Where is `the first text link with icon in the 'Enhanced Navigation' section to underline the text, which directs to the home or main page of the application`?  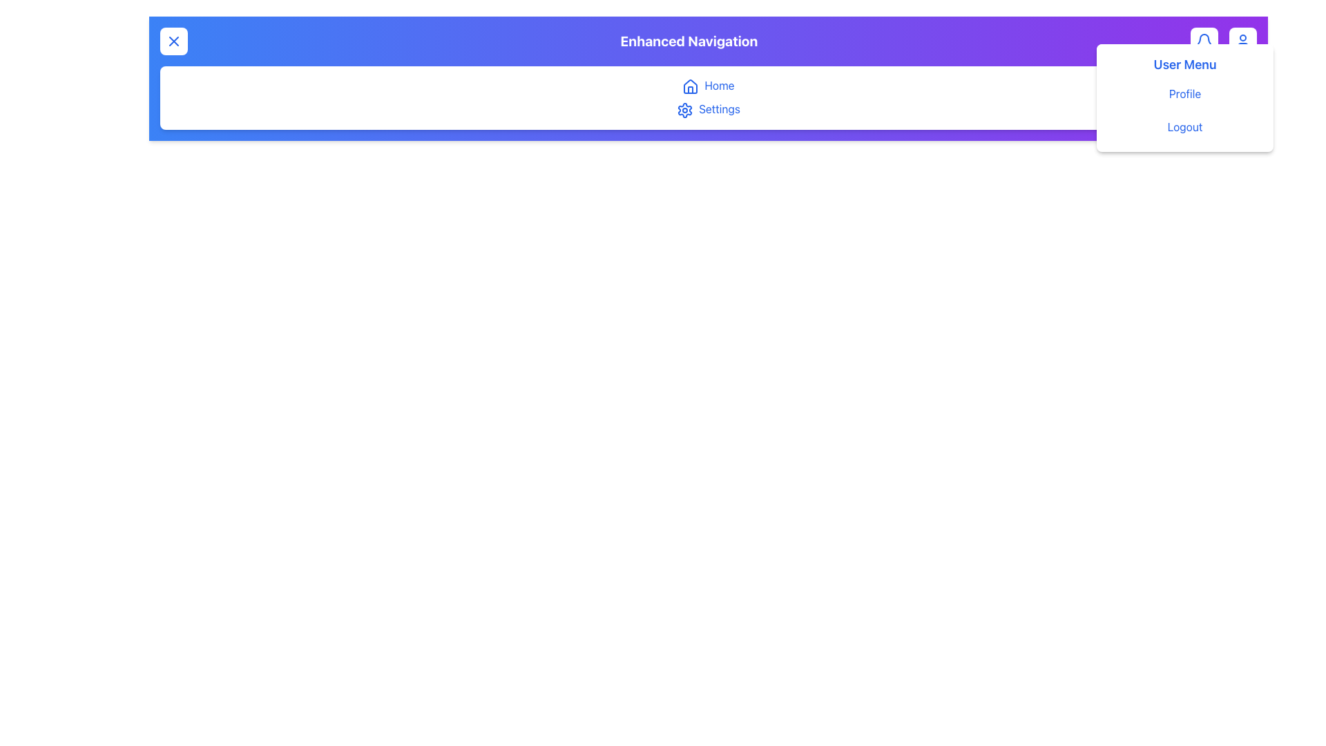
the first text link with icon in the 'Enhanced Navigation' section to underline the text, which directs to the home or main page of the application is located at coordinates (709, 85).